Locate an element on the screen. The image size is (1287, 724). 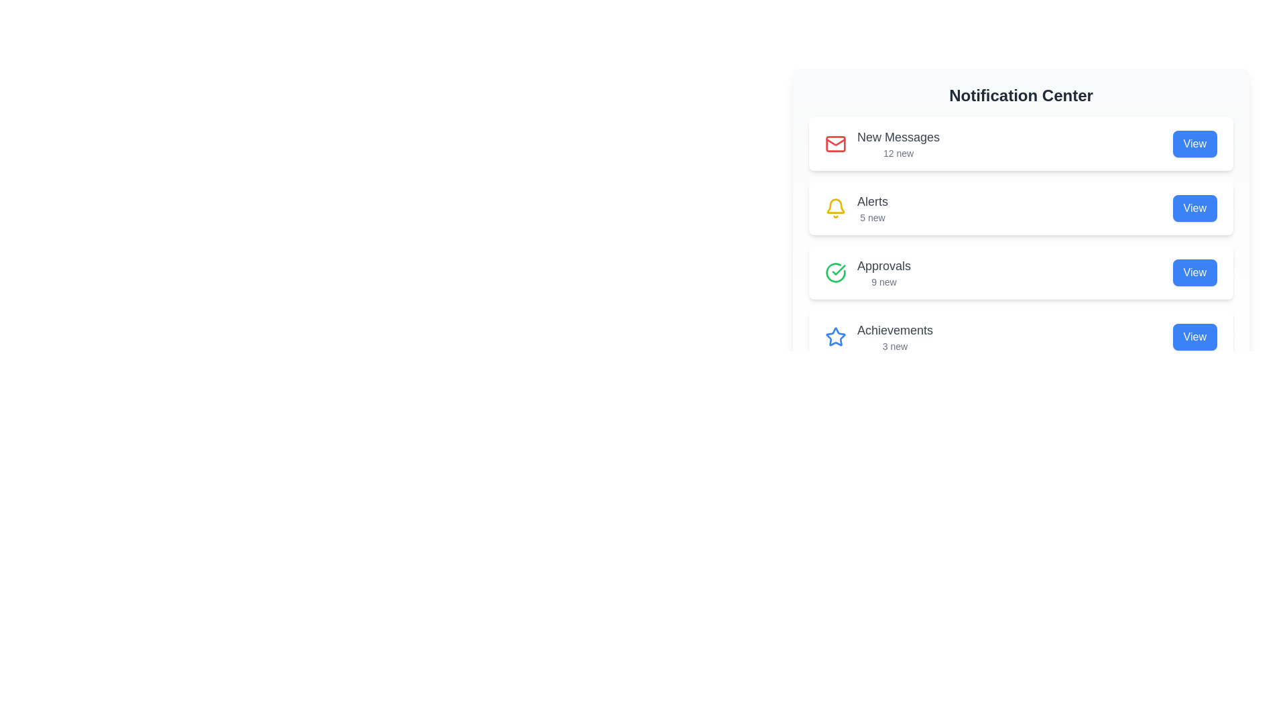
the text label displaying the count of new items or notifications for the 'Approvals' category in the Notification Center, located below the 'Approvals' header is located at coordinates (884, 281).